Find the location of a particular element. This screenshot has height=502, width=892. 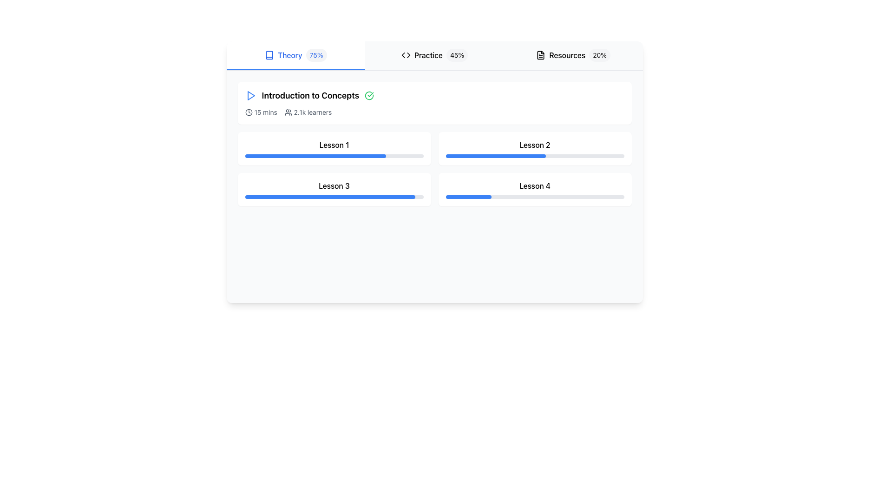

the clock icon in the header area of the 'Introduction to Concepts' section, which visually represents the duration of '15 mins' is located at coordinates (249, 112).